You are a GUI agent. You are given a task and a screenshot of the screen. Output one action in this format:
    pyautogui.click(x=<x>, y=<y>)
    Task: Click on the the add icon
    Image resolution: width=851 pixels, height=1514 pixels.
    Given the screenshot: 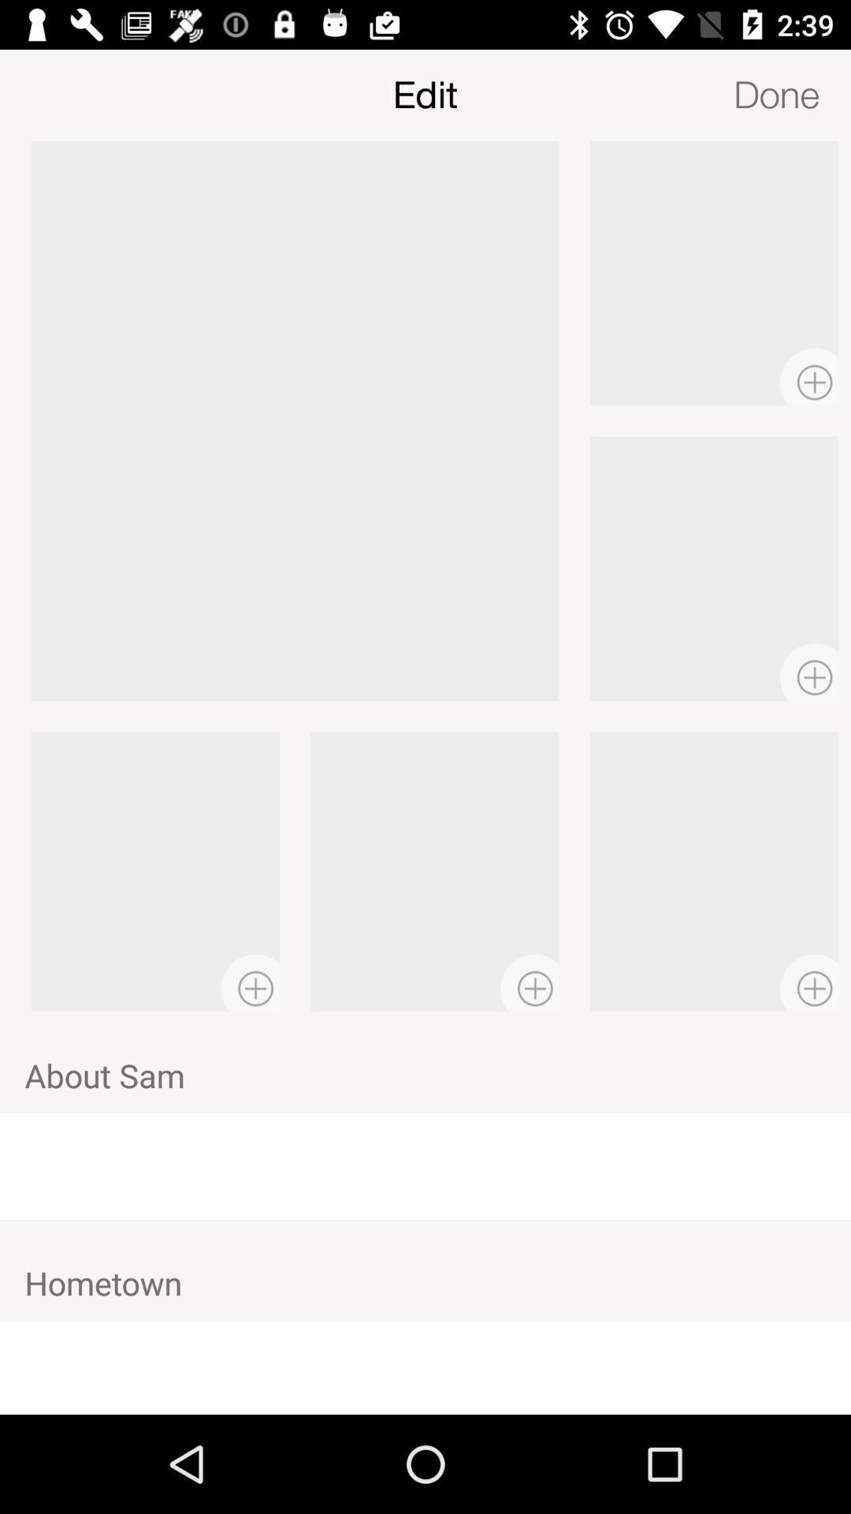 What is the action you would take?
    pyautogui.click(x=809, y=982)
    